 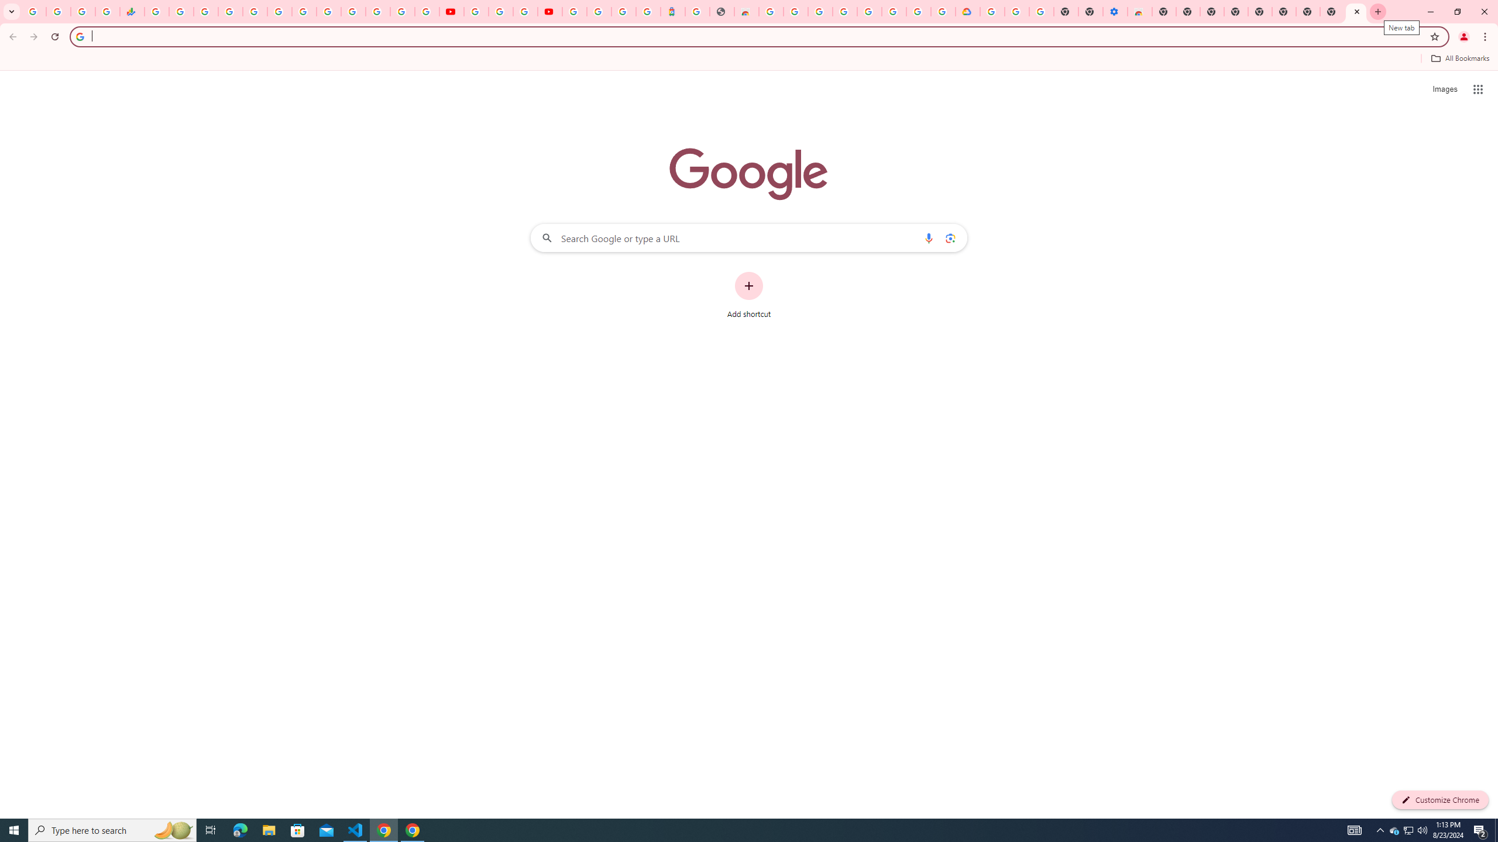 I want to click on 'Ad Settings', so click(x=820, y=11).